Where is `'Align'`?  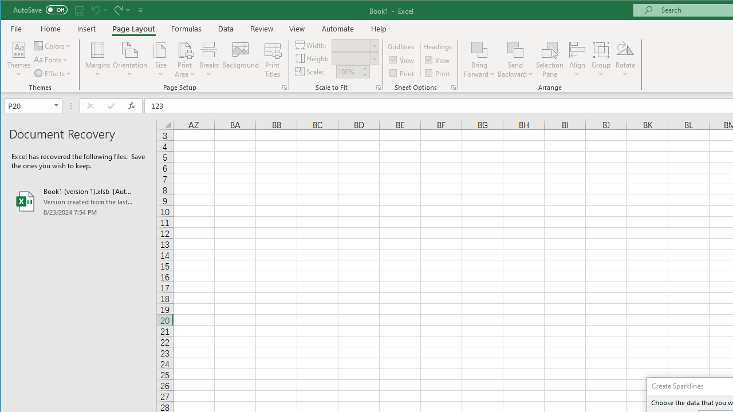
'Align' is located at coordinates (577, 60).